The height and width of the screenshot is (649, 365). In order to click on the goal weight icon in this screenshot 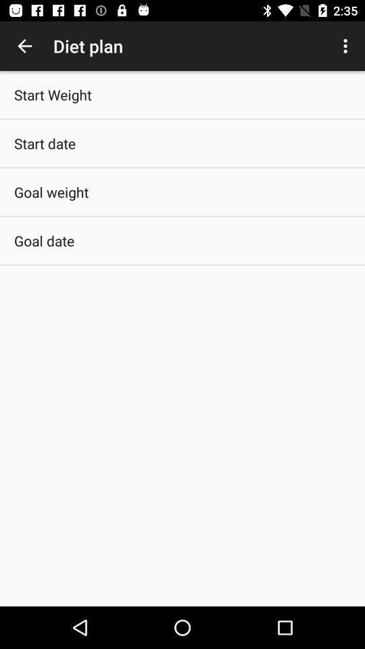, I will do `click(51, 191)`.